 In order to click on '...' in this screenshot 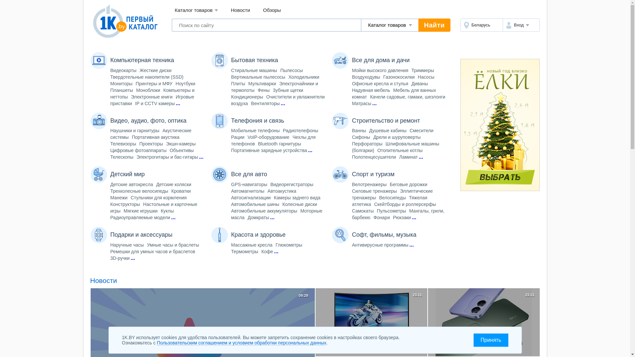, I will do `click(413, 218)`.